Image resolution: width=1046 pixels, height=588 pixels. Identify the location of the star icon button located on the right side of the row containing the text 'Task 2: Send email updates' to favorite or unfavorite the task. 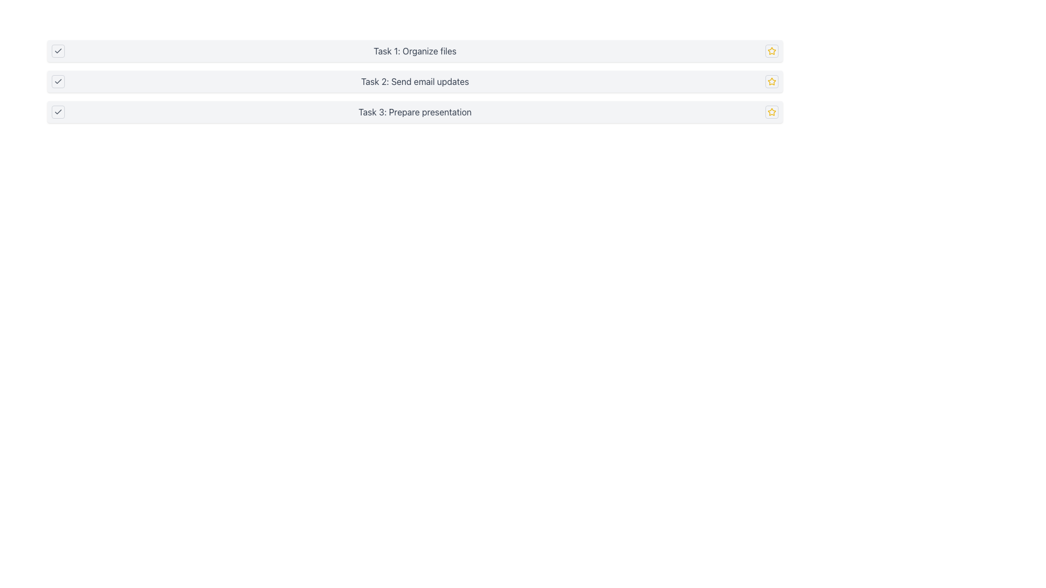
(771, 81).